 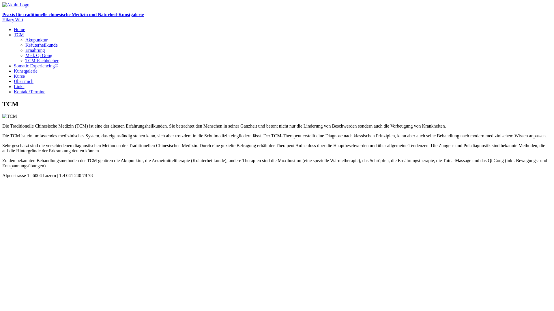 What do you see at coordinates (29, 91) in the screenshot?
I see `'Kontakt/Termine'` at bounding box center [29, 91].